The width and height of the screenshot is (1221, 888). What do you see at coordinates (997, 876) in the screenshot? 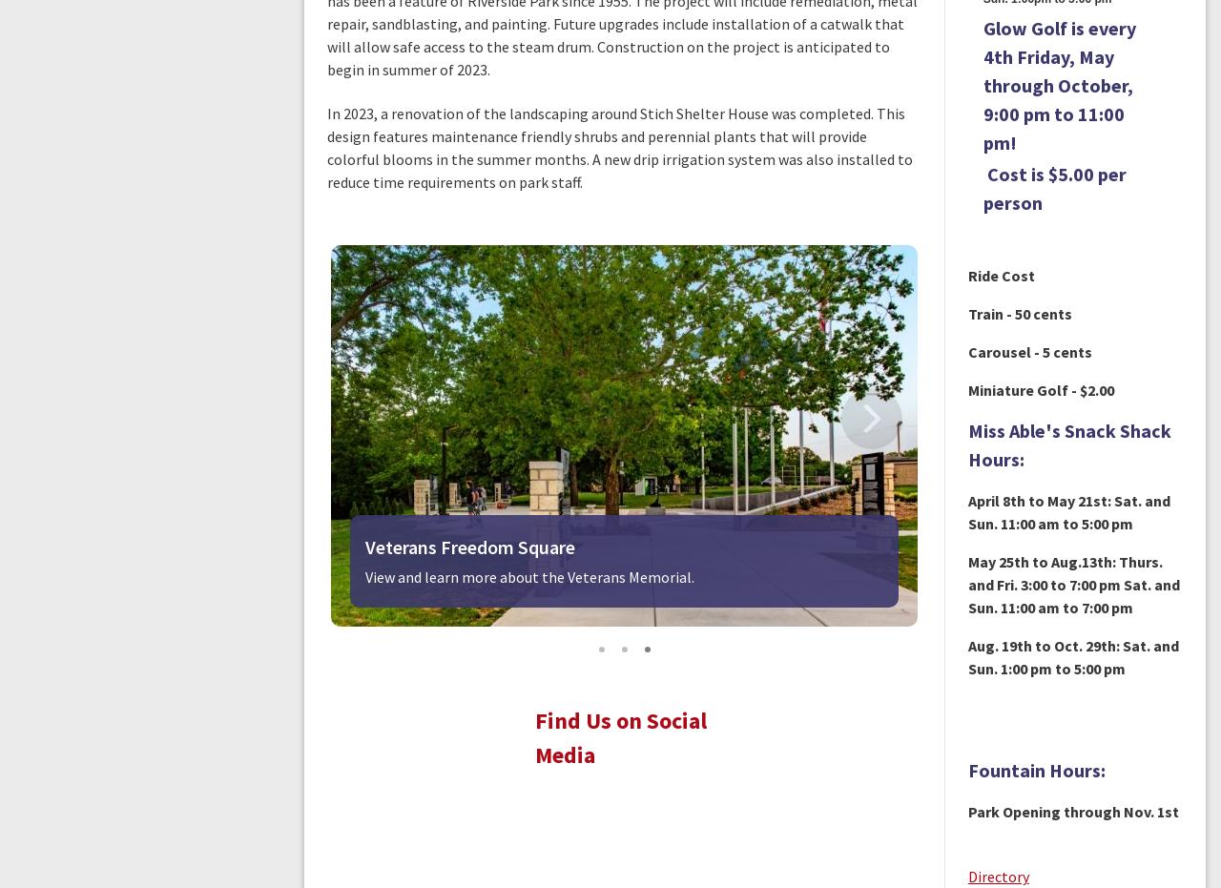
I see `'Directory'` at bounding box center [997, 876].